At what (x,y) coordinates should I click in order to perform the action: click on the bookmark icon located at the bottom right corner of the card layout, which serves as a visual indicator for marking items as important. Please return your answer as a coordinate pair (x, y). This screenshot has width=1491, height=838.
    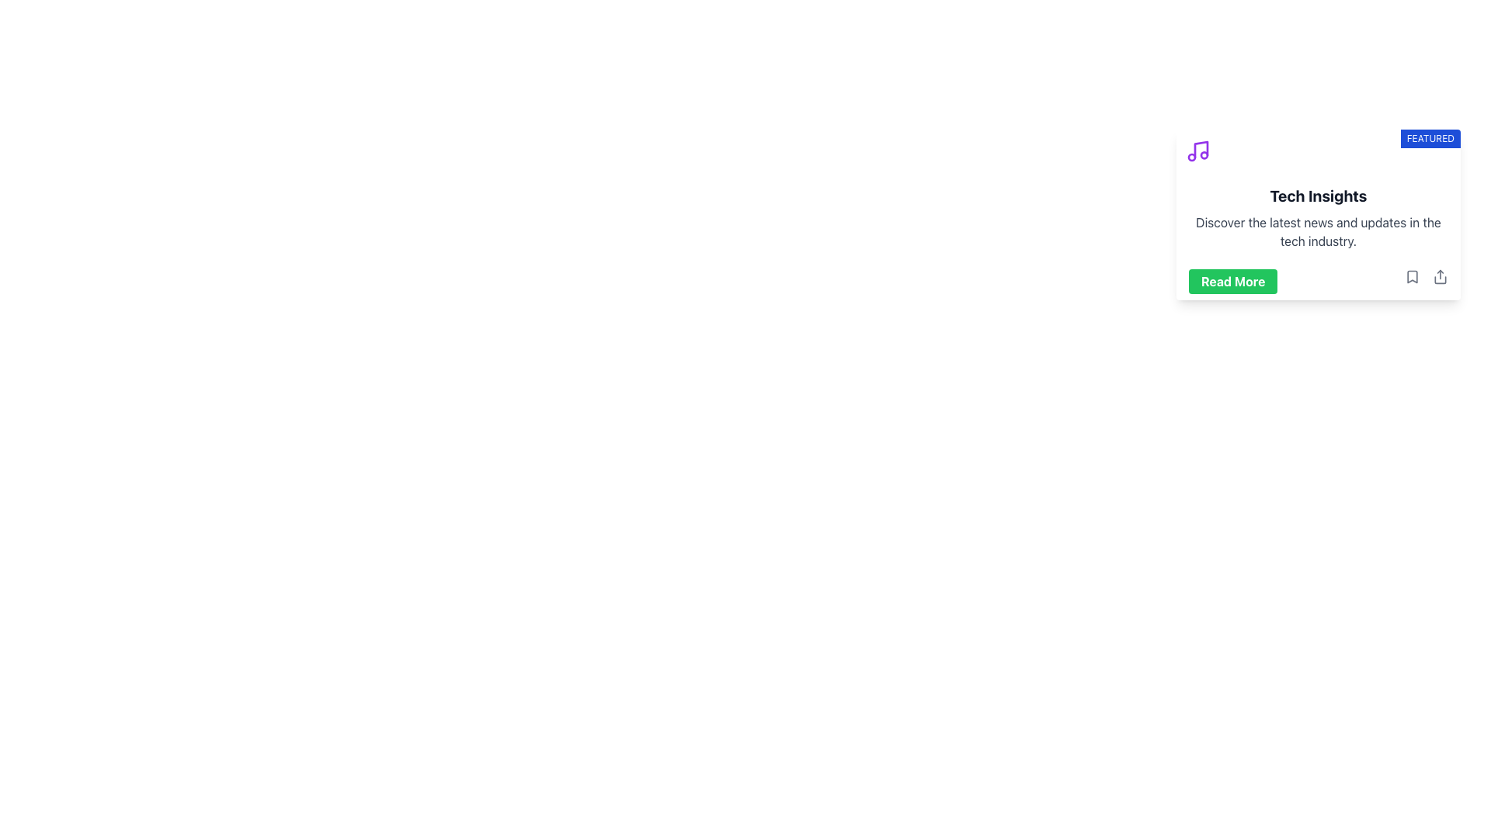
    Looking at the image, I should click on (1413, 276).